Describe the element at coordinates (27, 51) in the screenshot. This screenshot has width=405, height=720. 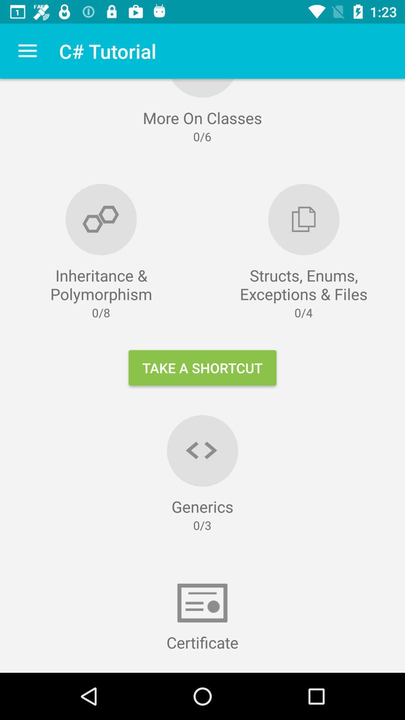
I see `the icon above the inheritance & polymorphism` at that location.